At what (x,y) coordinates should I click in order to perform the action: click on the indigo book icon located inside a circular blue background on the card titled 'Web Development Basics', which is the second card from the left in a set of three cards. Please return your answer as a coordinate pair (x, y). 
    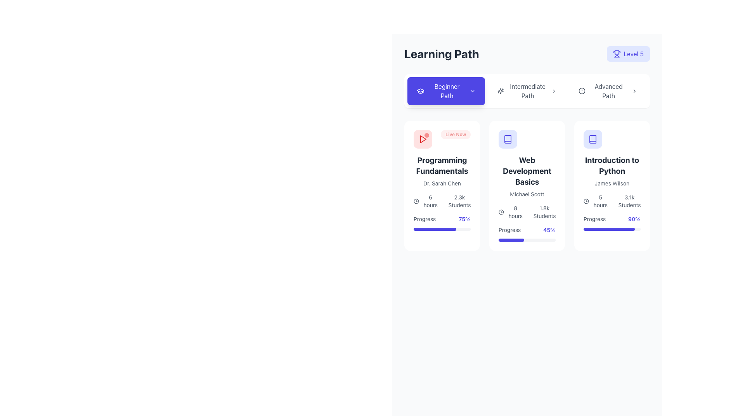
    Looking at the image, I should click on (508, 139).